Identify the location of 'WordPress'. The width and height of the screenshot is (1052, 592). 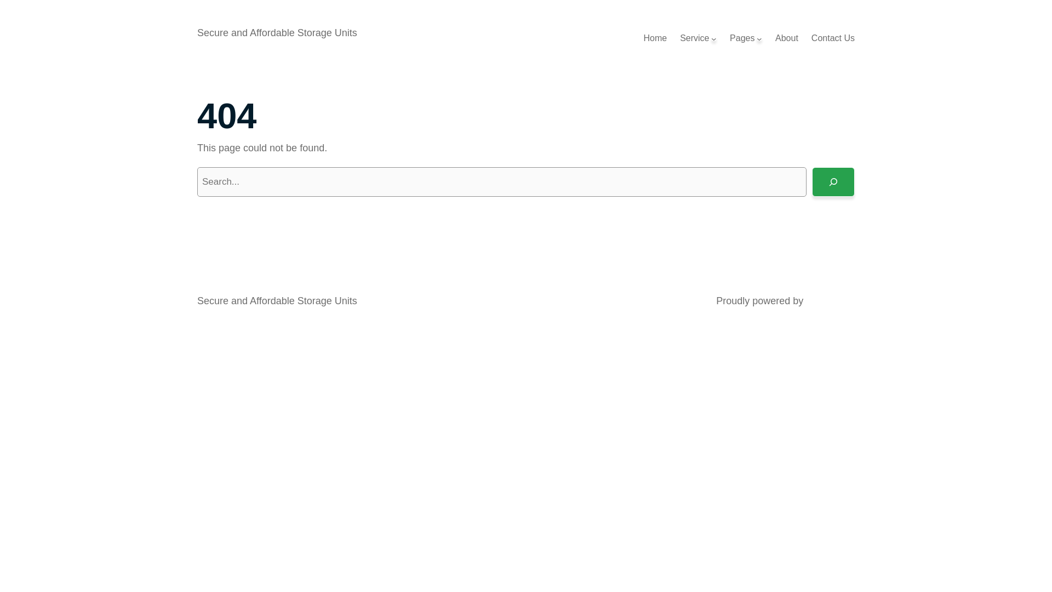
(830, 300).